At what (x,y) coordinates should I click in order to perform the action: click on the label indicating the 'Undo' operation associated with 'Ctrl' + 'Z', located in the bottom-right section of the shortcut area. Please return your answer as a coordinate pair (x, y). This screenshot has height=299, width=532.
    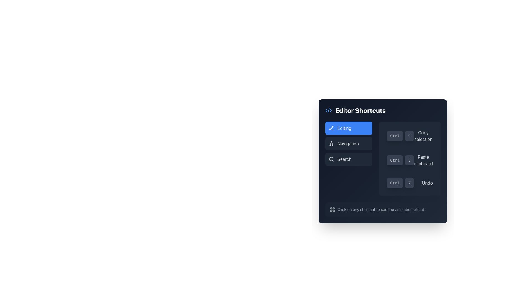
    Looking at the image, I should click on (427, 183).